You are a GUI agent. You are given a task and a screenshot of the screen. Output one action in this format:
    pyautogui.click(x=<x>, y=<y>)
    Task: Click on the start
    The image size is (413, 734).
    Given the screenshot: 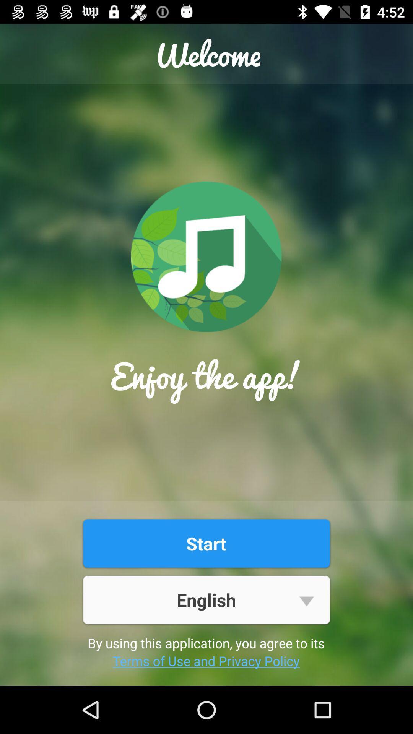 What is the action you would take?
    pyautogui.click(x=206, y=543)
    